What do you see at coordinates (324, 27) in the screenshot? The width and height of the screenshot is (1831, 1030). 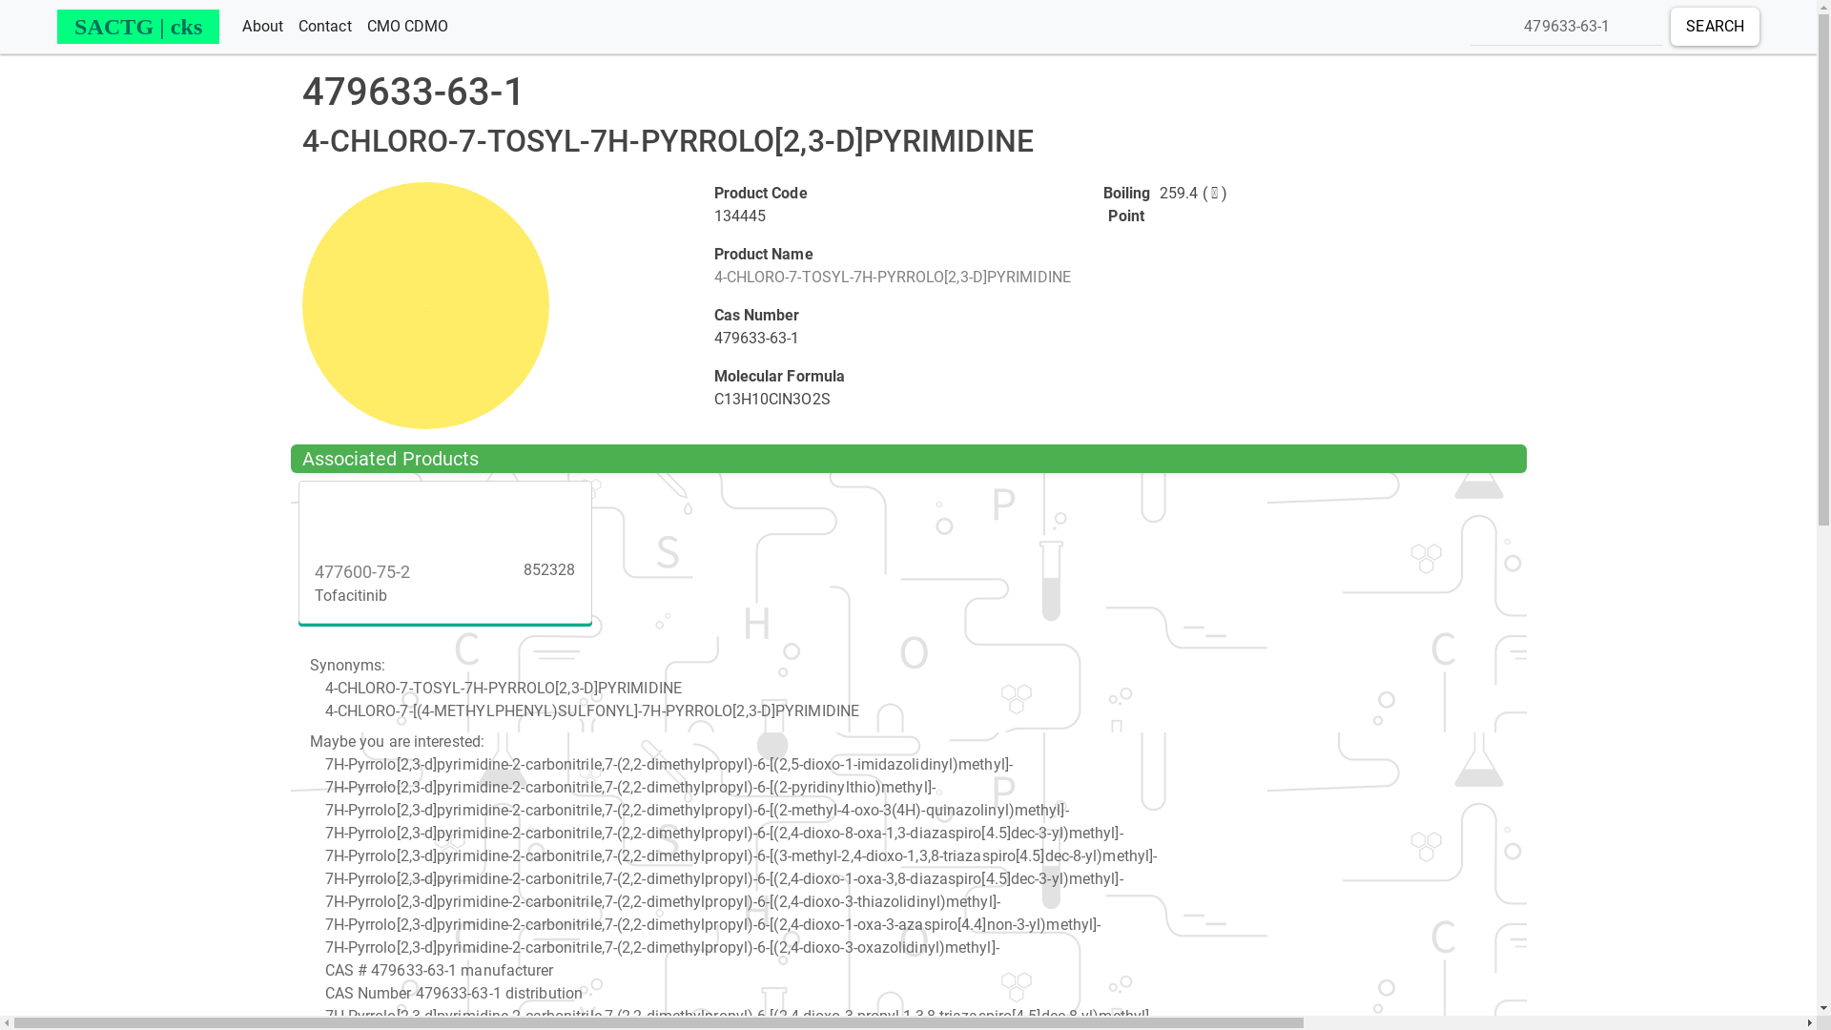 I see `'Contact'` at bounding box center [324, 27].